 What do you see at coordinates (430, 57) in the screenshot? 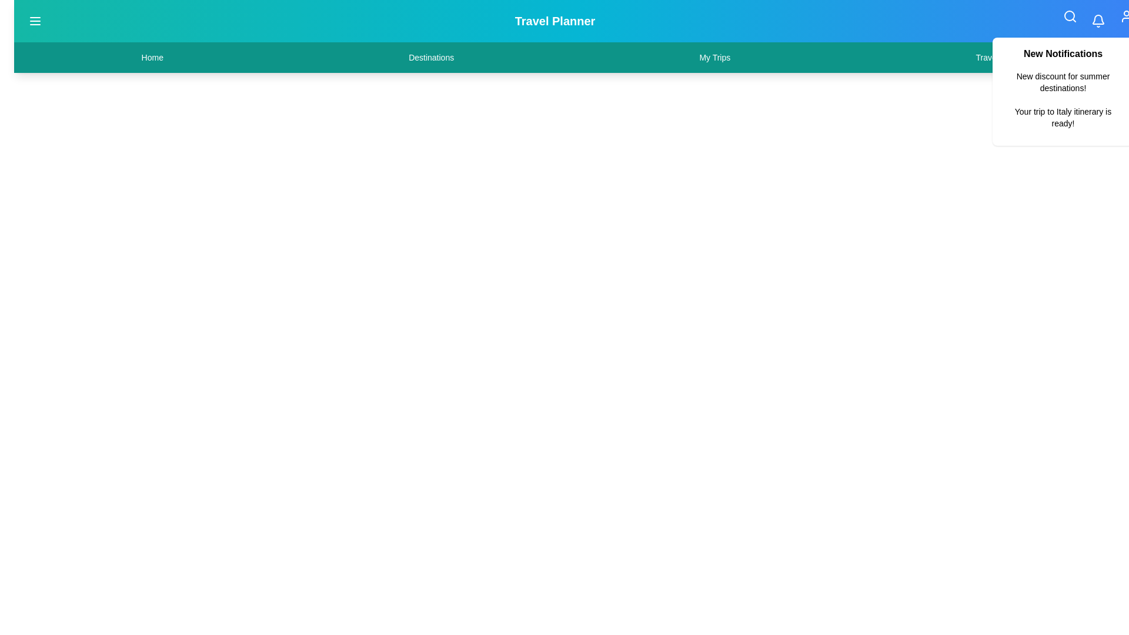
I see `the navigation item Destinations from the menu` at bounding box center [430, 57].